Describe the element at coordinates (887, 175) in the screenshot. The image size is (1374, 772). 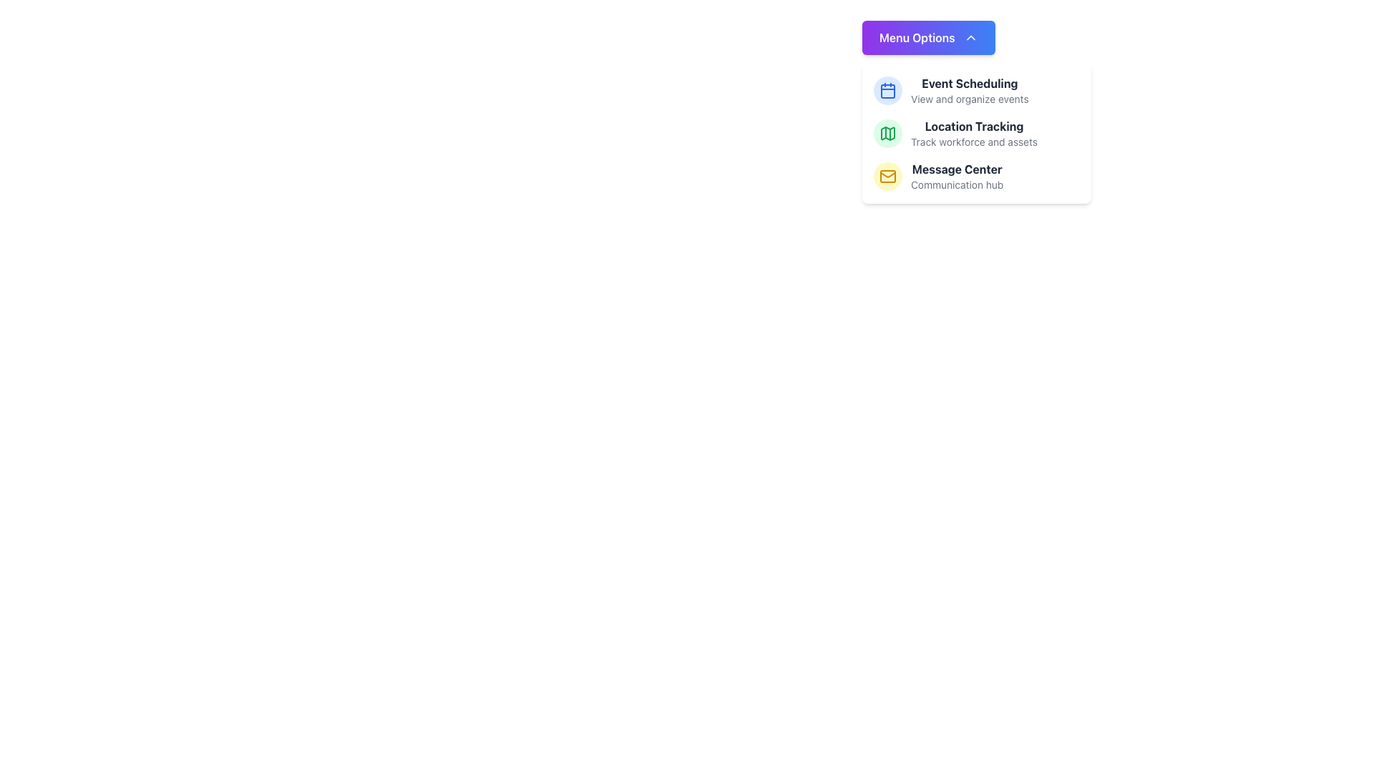
I see `the circular yellow icon with an envelope inside it located in the 'Message Center' section of the dropdown menu` at that location.